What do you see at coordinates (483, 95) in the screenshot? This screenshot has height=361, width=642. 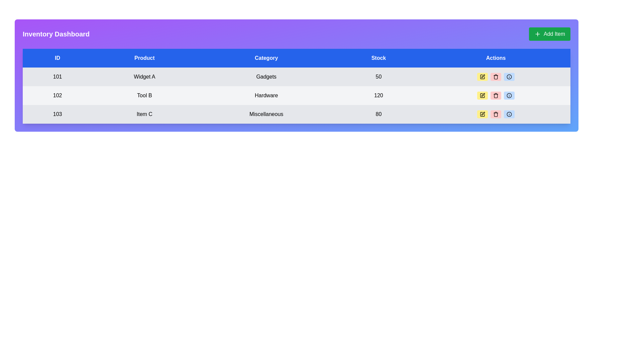 I see `the angled pen icon button in the 'Actions' column of the table to initiate editing for the product labeled 'Tool B'` at bounding box center [483, 95].